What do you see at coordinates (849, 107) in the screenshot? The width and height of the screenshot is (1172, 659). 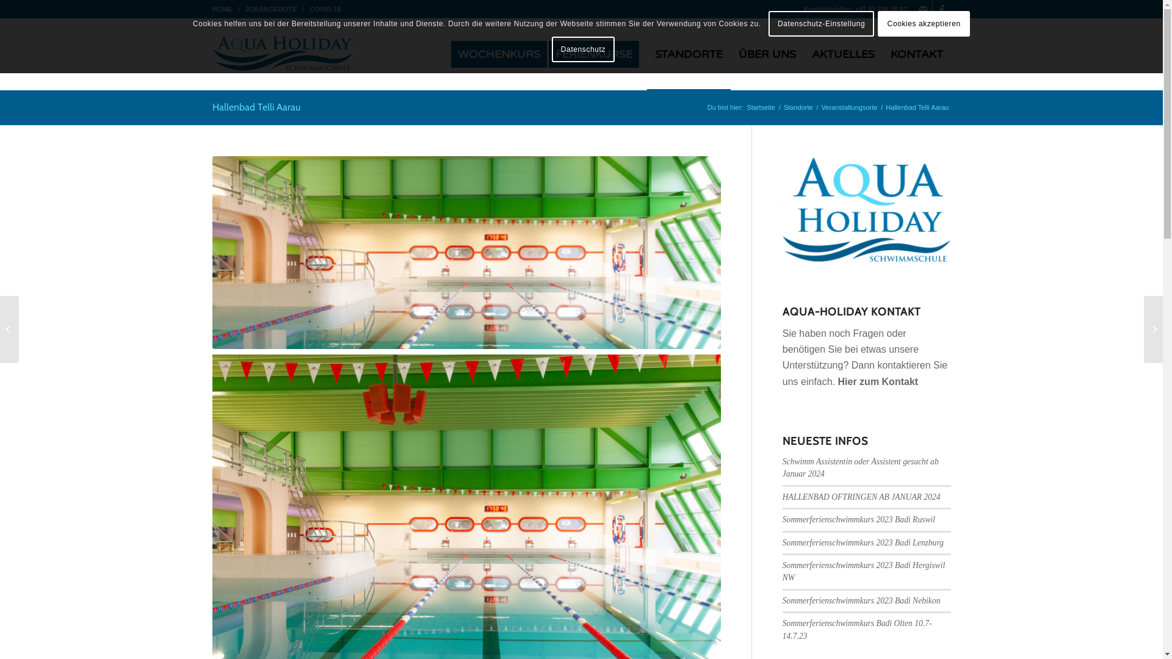 I see `'Veranstaltungsorte'` at bounding box center [849, 107].